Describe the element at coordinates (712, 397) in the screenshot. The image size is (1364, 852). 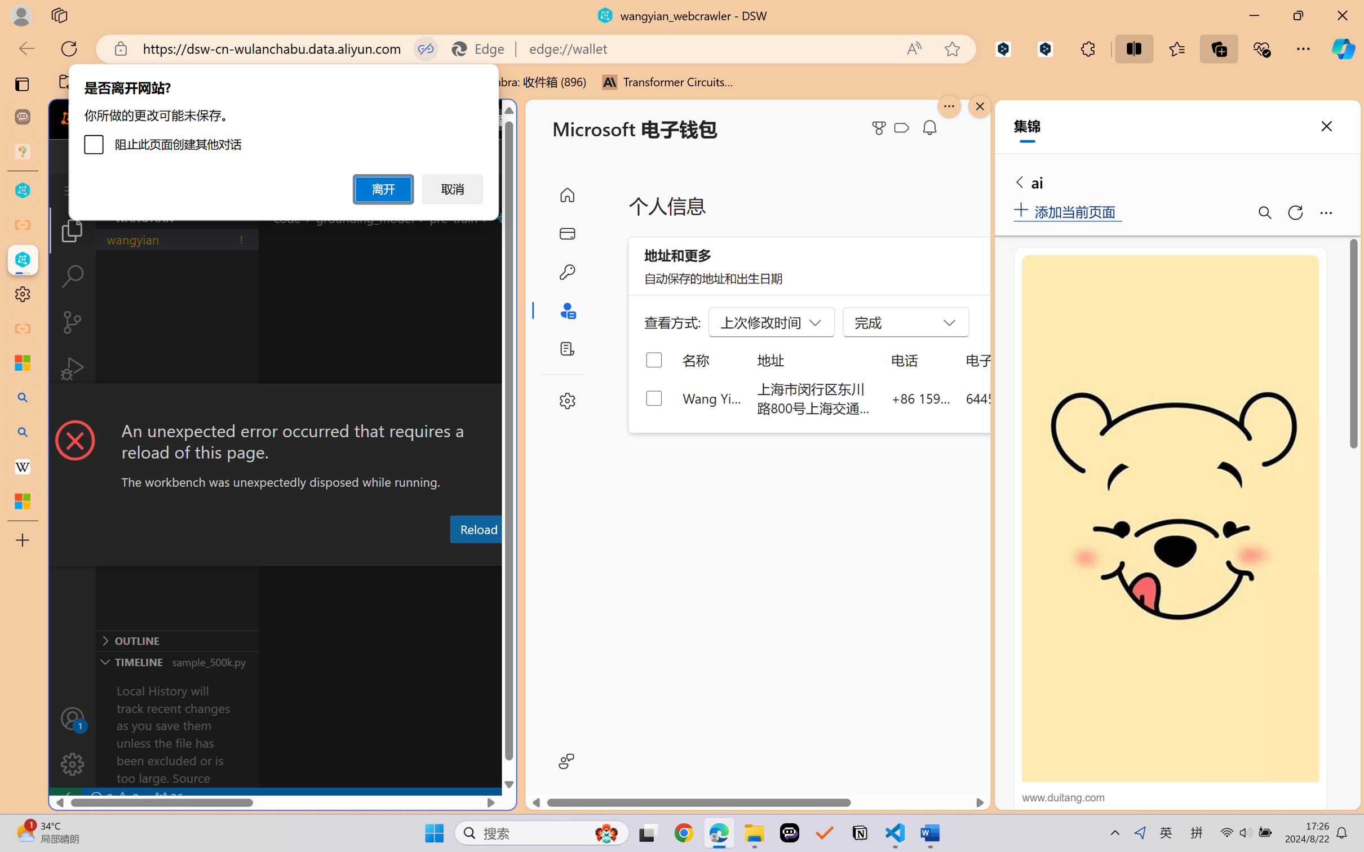
I see `'Wang Yian'` at that location.